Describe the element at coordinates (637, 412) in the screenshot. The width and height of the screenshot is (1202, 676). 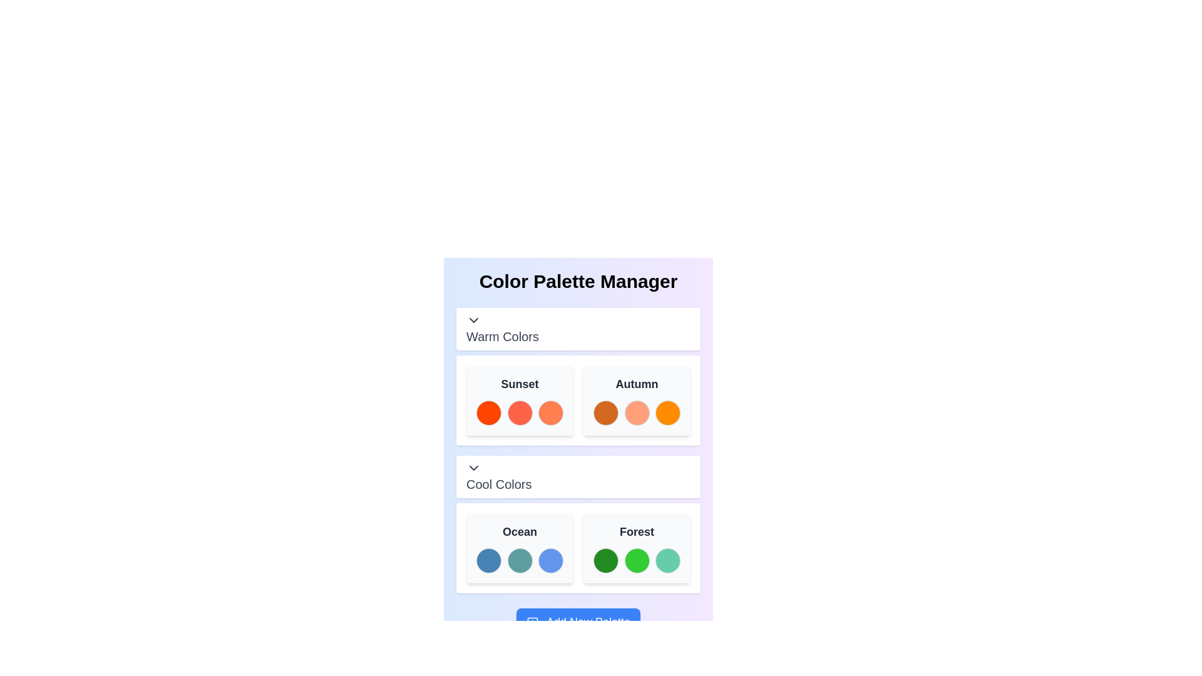
I see `the second color swatch in the 'Autumn' box, which is part of the 'Warm Colors' section` at that location.